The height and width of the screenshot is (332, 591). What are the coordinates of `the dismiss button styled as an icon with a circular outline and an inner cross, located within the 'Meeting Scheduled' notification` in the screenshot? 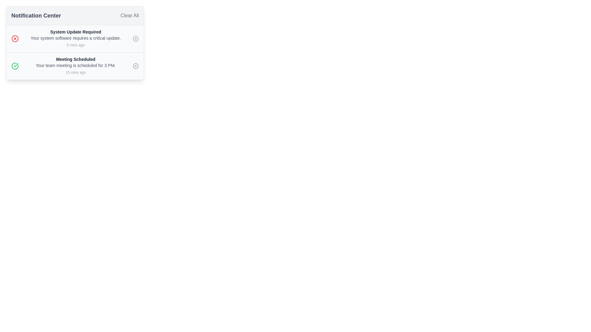 It's located at (135, 66).